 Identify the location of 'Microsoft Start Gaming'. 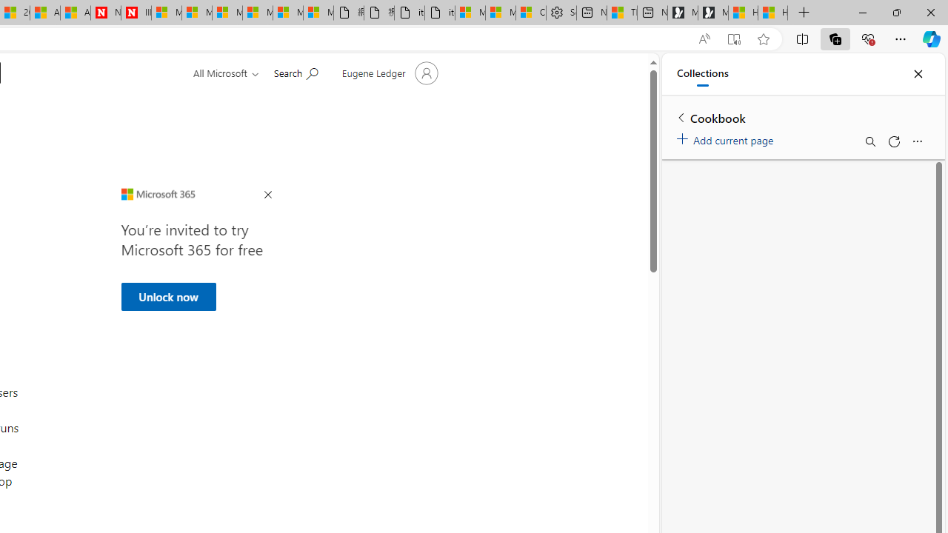
(713, 13).